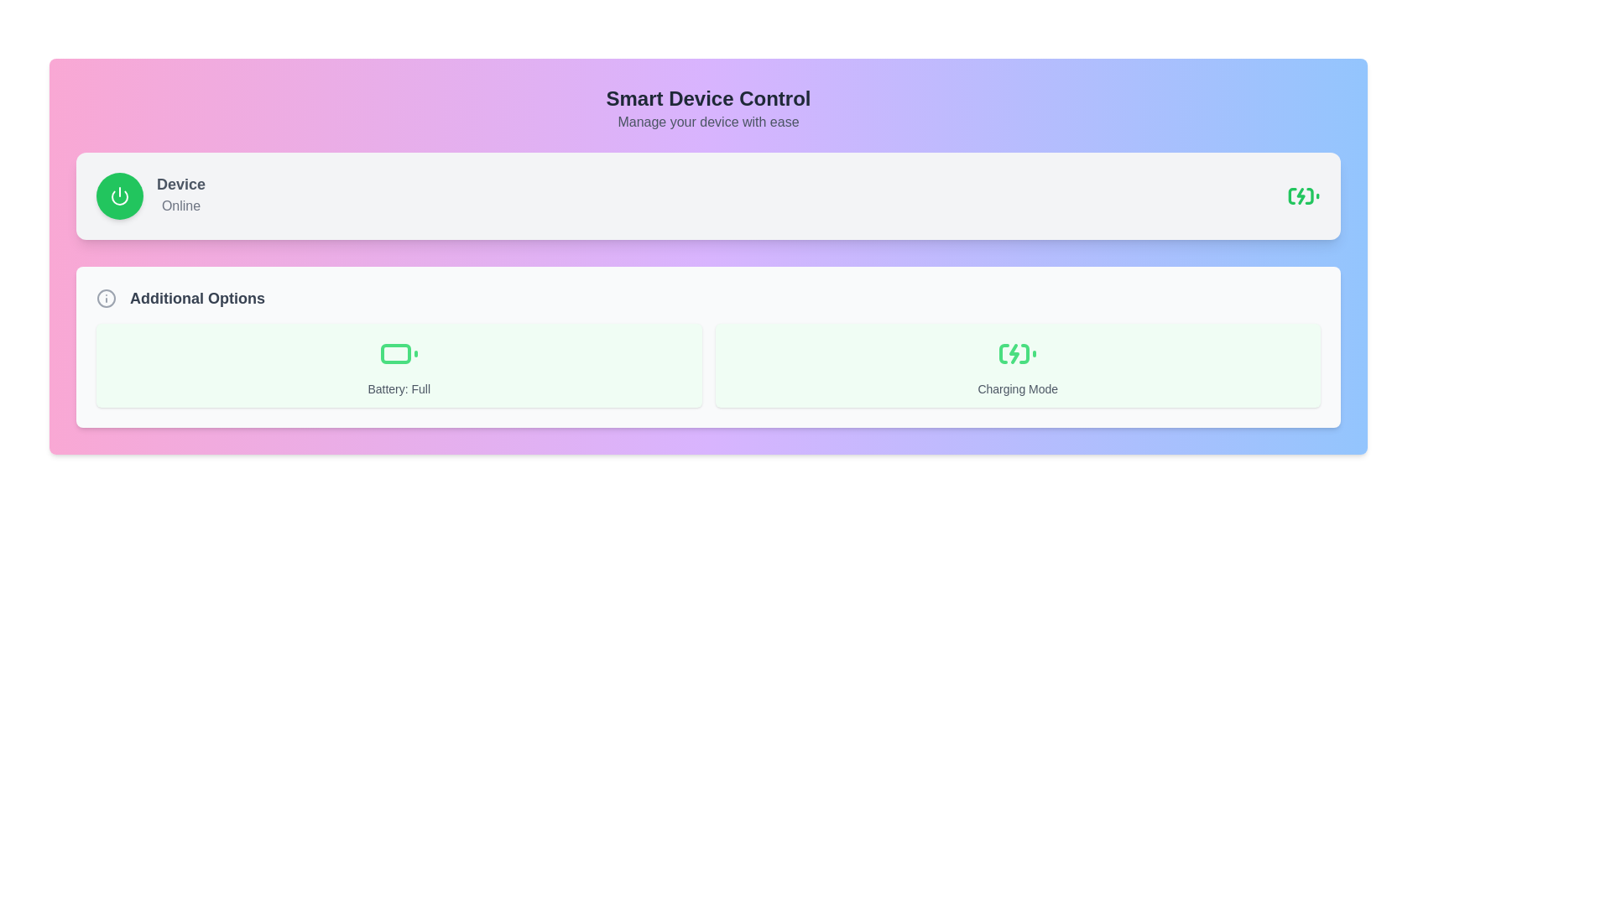 The image size is (1611, 906). I want to click on the non-interactive status label indicating that the device is online, located to the right of the green circular power button, so click(181, 195).